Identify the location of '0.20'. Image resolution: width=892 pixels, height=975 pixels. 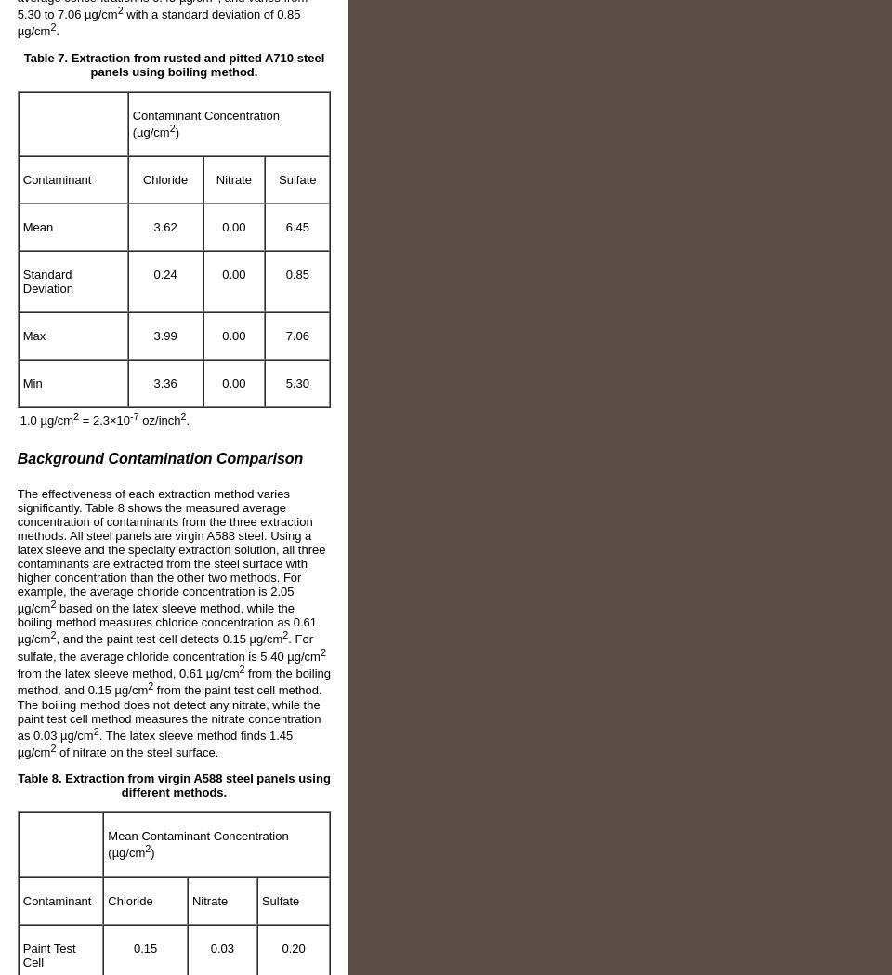
(293, 947).